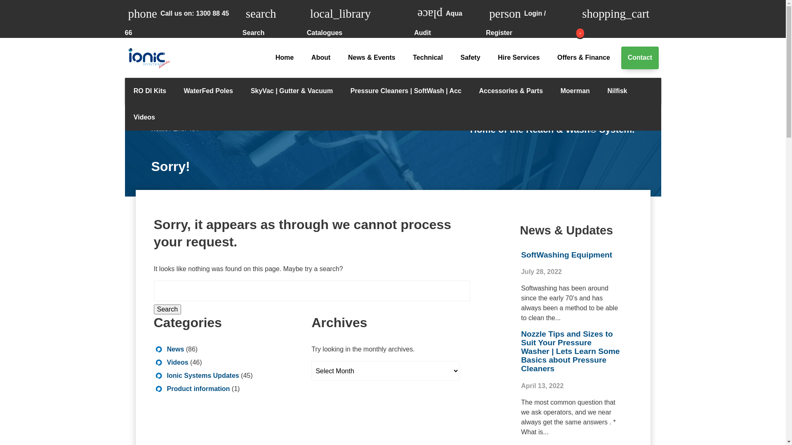  What do you see at coordinates (306, 19) in the screenshot?
I see `'local_libraryCatalogues'` at bounding box center [306, 19].